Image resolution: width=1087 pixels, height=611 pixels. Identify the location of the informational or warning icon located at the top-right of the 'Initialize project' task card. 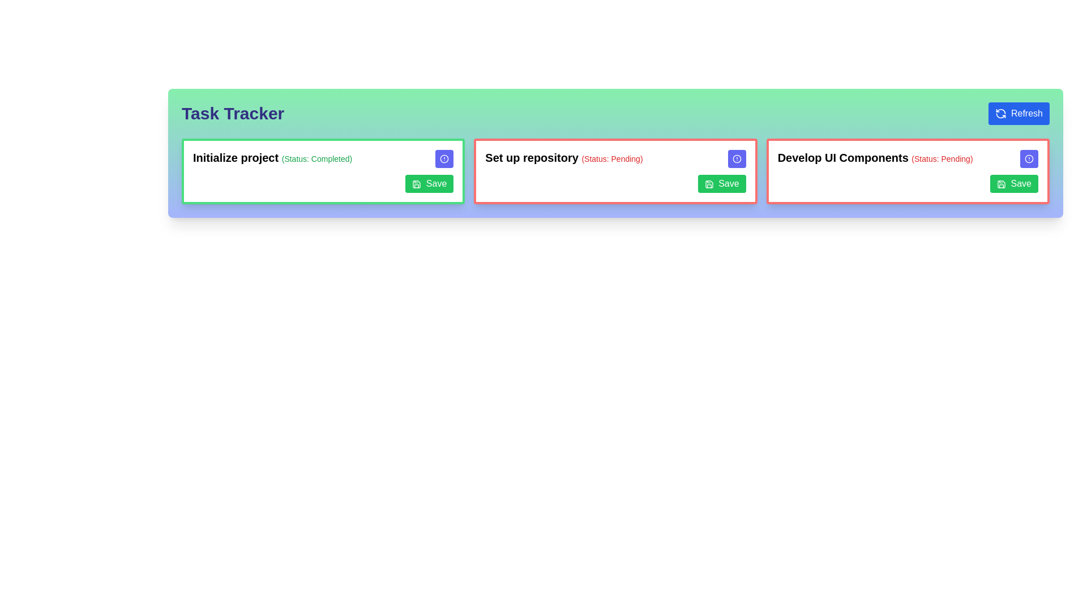
(444, 159).